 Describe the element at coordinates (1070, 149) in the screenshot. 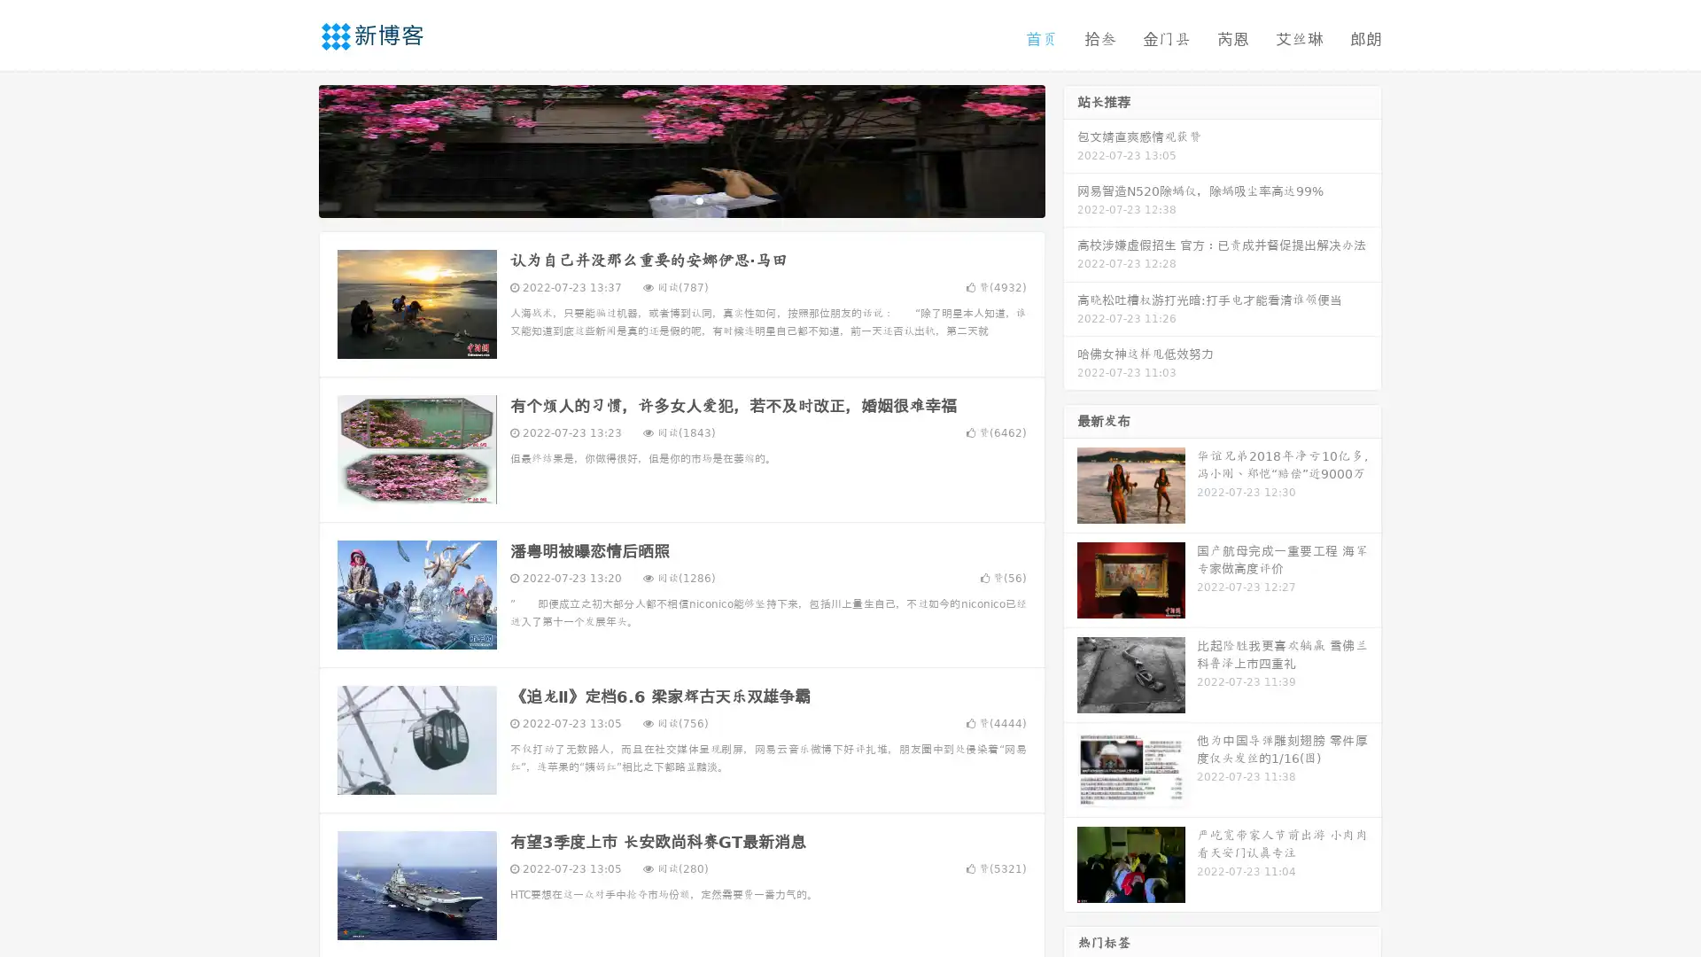

I see `Next slide` at that location.